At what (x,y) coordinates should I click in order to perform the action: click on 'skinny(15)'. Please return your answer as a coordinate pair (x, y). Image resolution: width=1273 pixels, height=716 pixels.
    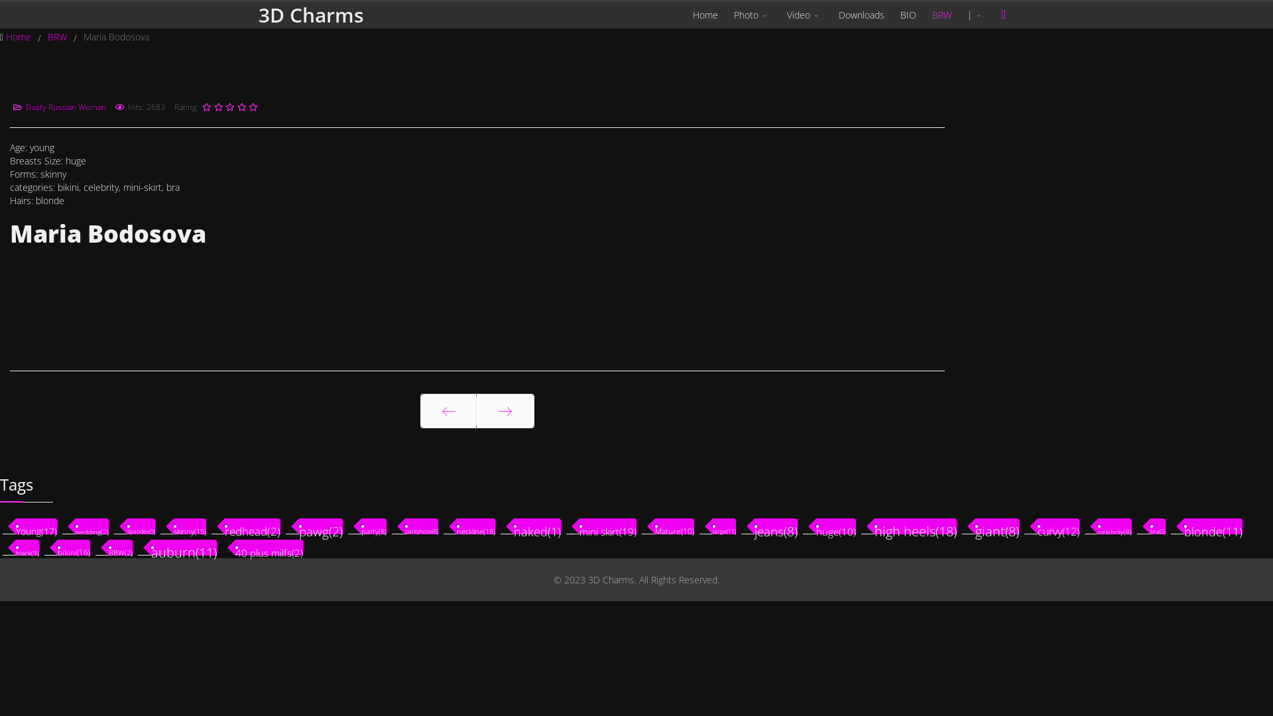
    Looking at the image, I should click on (189, 526).